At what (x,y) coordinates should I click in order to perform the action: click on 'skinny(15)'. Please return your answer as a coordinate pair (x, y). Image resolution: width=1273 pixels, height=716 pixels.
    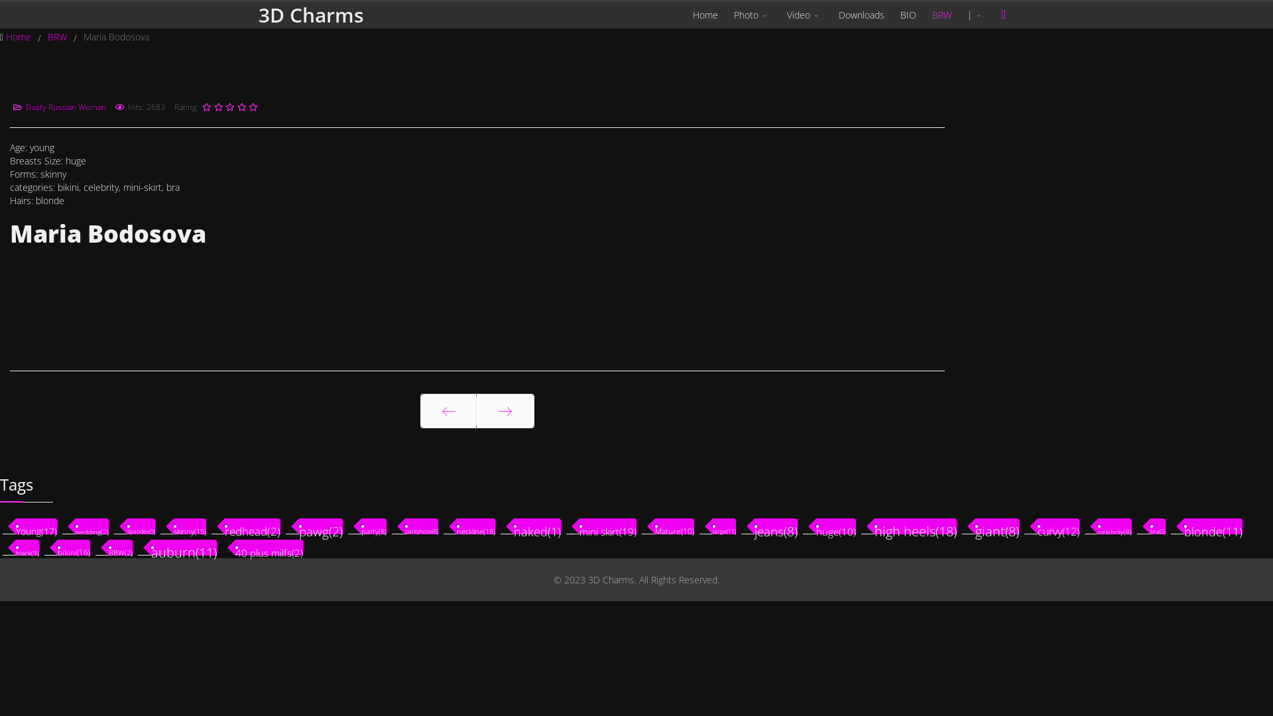
    Looking at the image, I should click on (189, 526).